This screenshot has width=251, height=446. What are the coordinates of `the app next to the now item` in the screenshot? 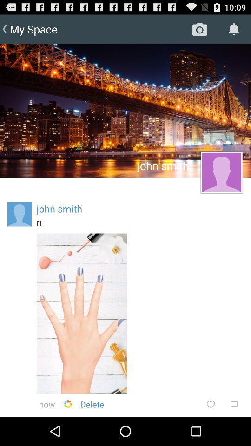 It's located at (67, 404).